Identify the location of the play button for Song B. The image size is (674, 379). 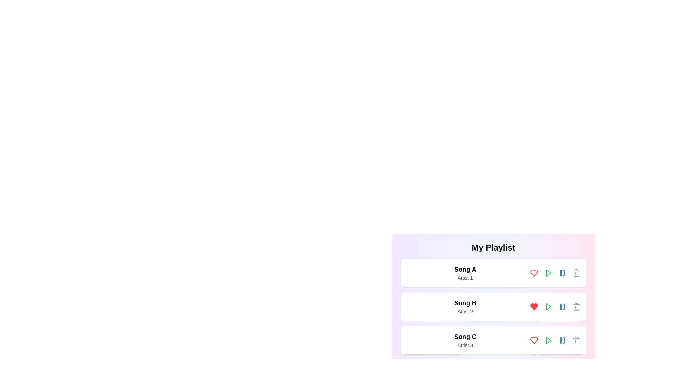
(548, 306).